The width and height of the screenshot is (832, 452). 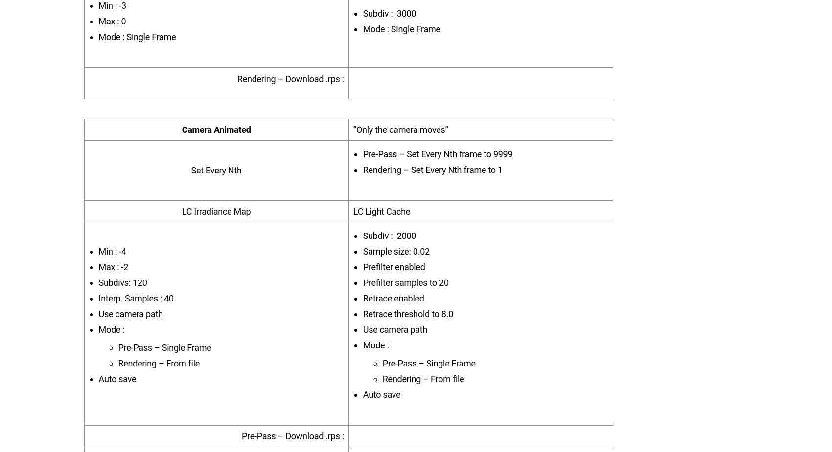 I want to click on 'Element_SelfIllumination', so click(x=171, y=67).